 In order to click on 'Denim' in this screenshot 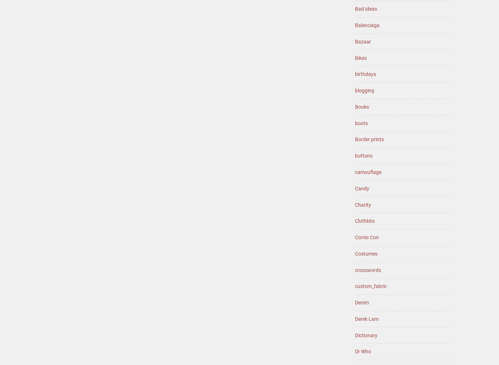, I will do `click(362, 302)`.